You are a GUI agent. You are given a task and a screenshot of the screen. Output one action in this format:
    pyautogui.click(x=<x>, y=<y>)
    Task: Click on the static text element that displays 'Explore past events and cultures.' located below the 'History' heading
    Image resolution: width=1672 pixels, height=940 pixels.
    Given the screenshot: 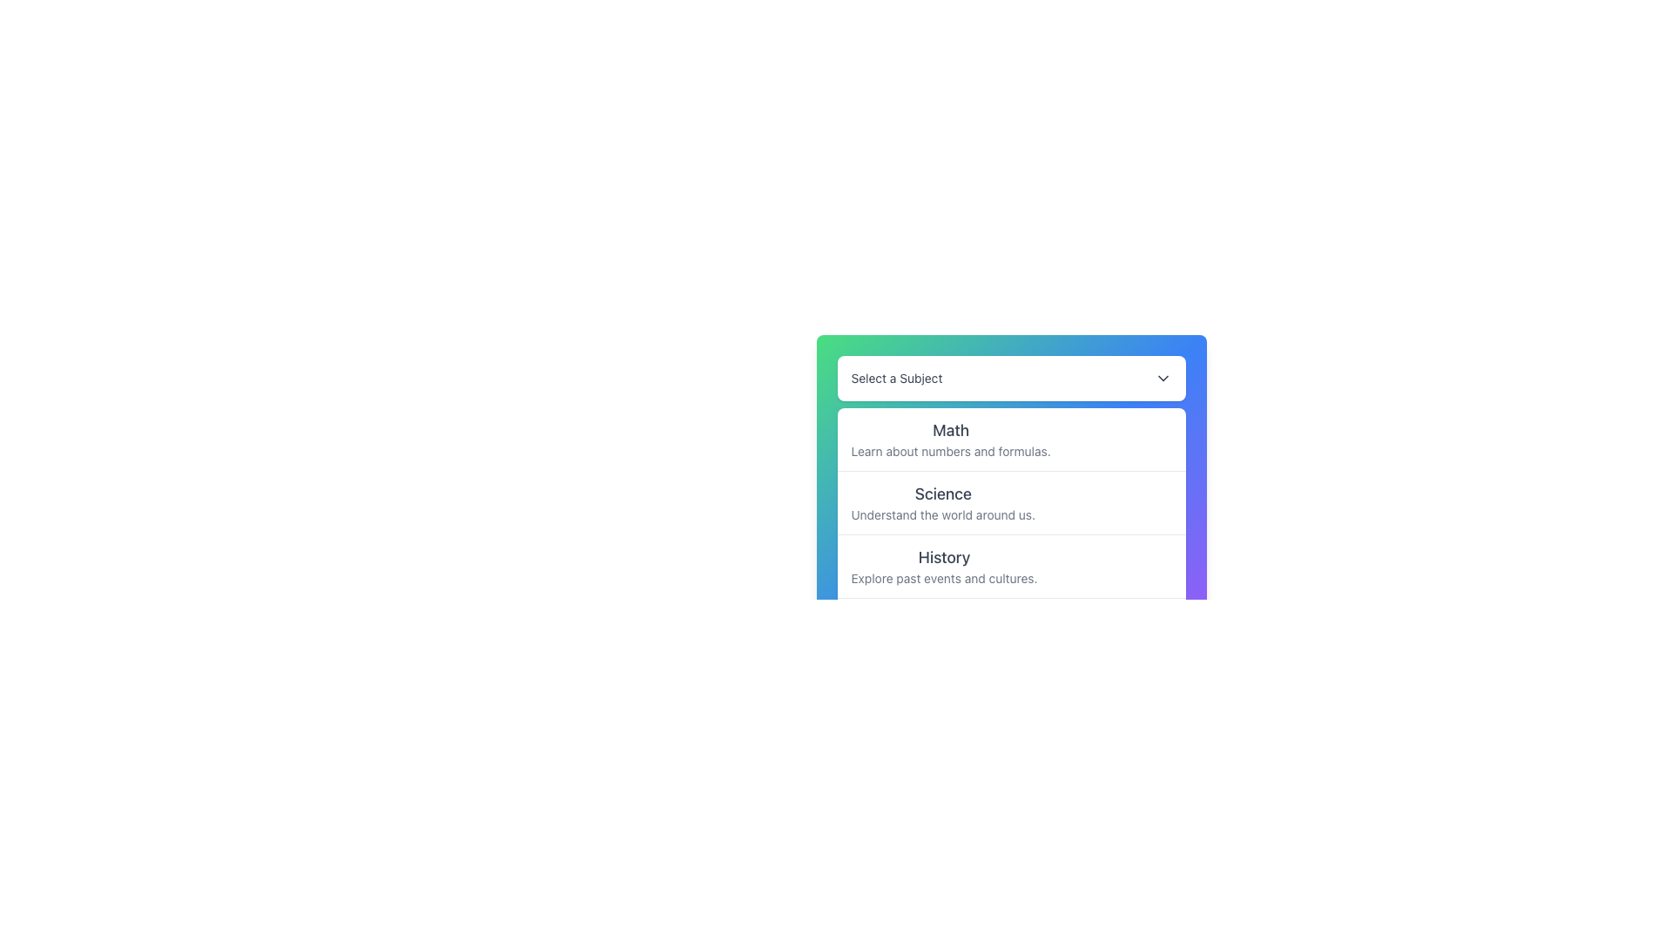 What is the action you would take?
    pyautogui.click(x=943, y=578)
    